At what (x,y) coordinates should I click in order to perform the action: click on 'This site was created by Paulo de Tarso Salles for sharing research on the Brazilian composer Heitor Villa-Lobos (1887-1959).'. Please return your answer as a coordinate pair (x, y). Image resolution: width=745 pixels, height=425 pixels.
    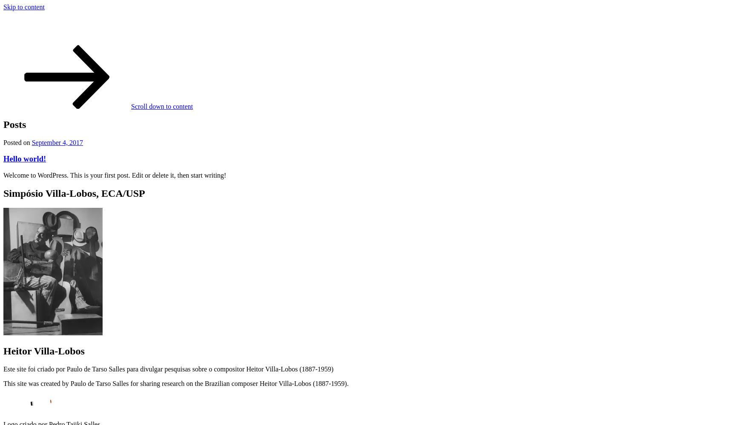
    Looking at the image, I should click on (175, 383).